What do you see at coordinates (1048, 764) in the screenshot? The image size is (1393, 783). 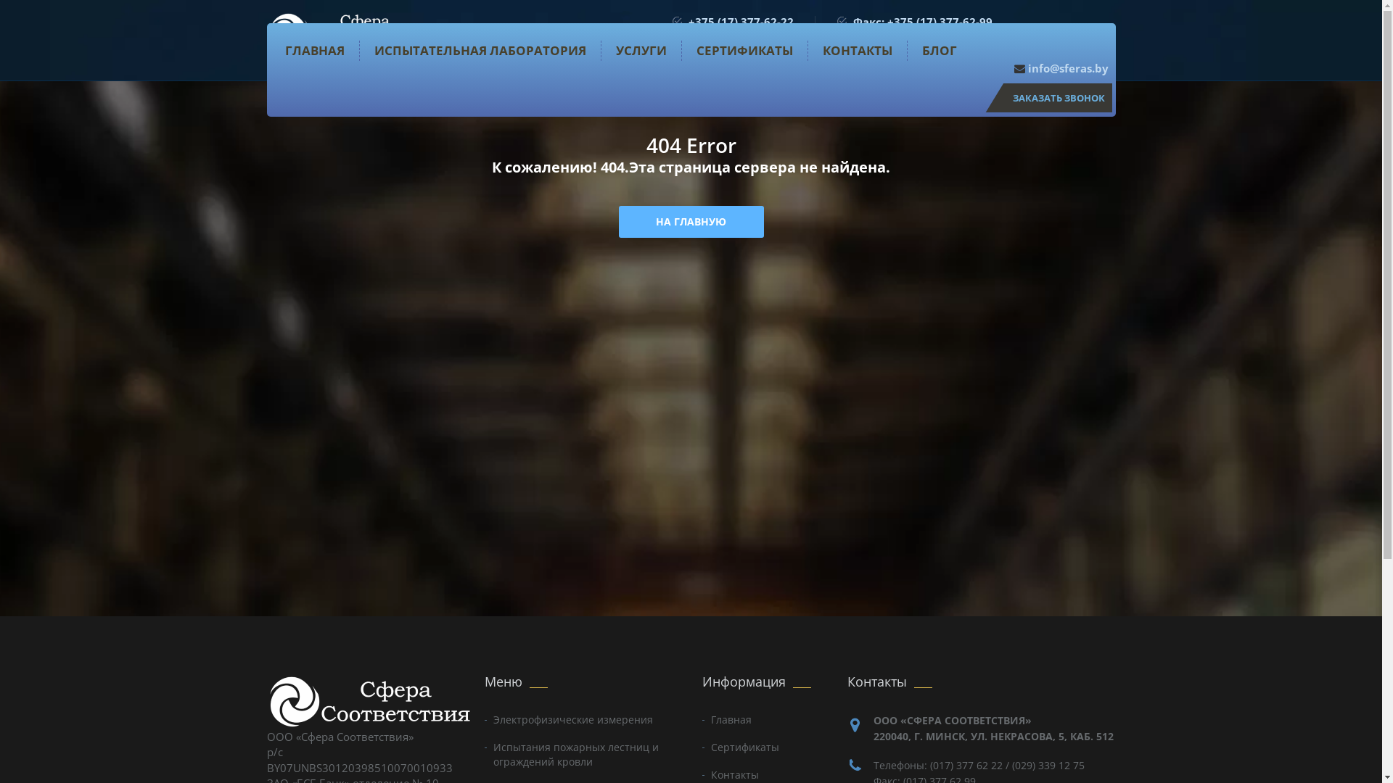 I see `'(029) 339 12 75'` at bounding box center [1048, 764].